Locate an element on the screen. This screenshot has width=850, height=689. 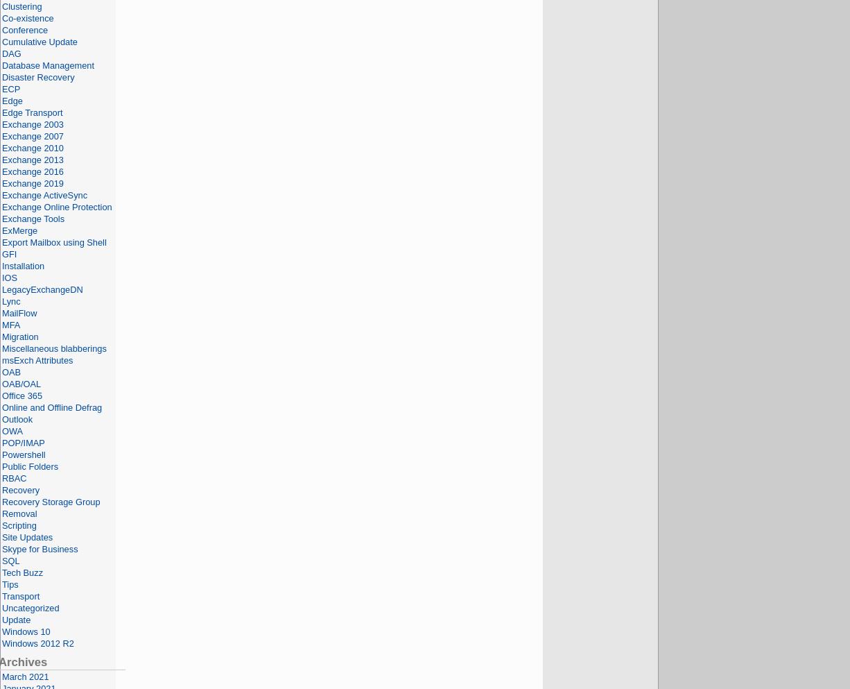
'ECP' is located at coordinates (11, 89).